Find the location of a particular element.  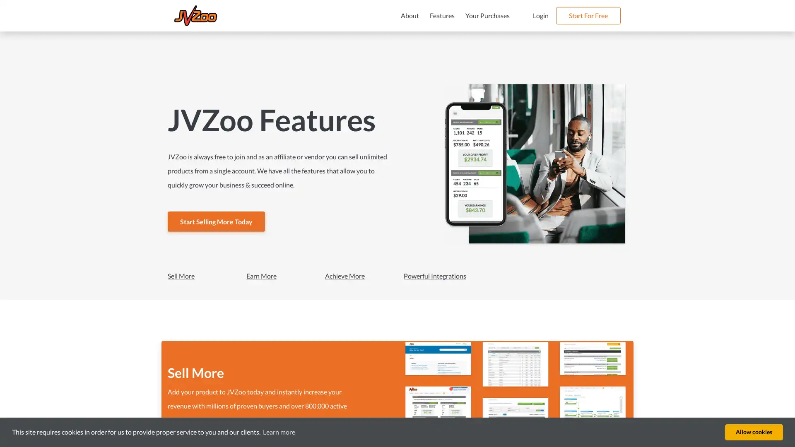

learn more about cookies is located at coordinates (279, 432).